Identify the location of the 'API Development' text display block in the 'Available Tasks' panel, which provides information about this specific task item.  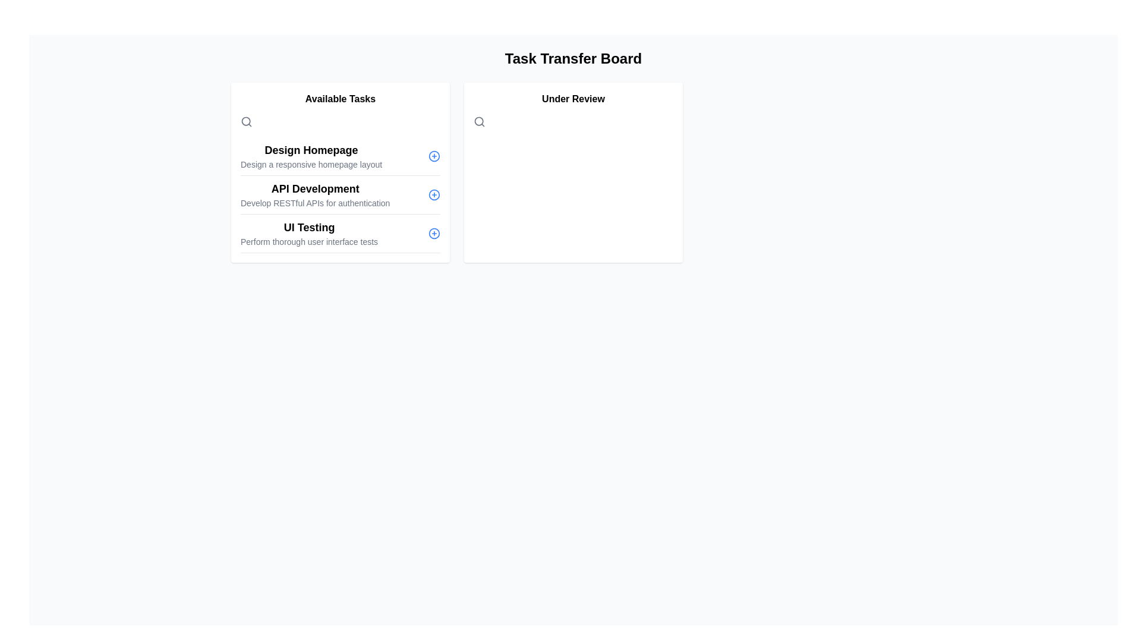
(315, 194).